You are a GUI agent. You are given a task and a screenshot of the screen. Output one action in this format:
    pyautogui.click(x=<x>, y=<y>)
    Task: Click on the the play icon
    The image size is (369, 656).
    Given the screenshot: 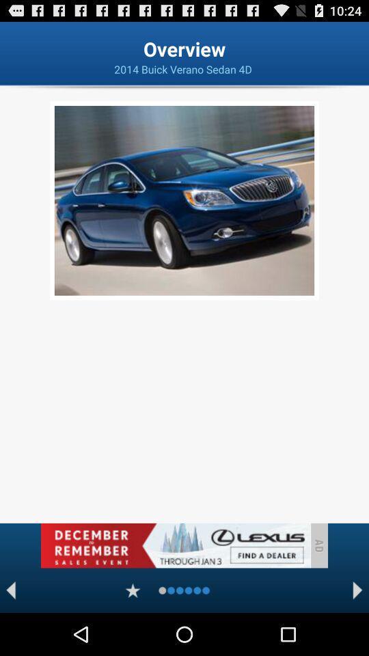 What is the action you would take?
    pyautogui.click(x=357, y=631)
    